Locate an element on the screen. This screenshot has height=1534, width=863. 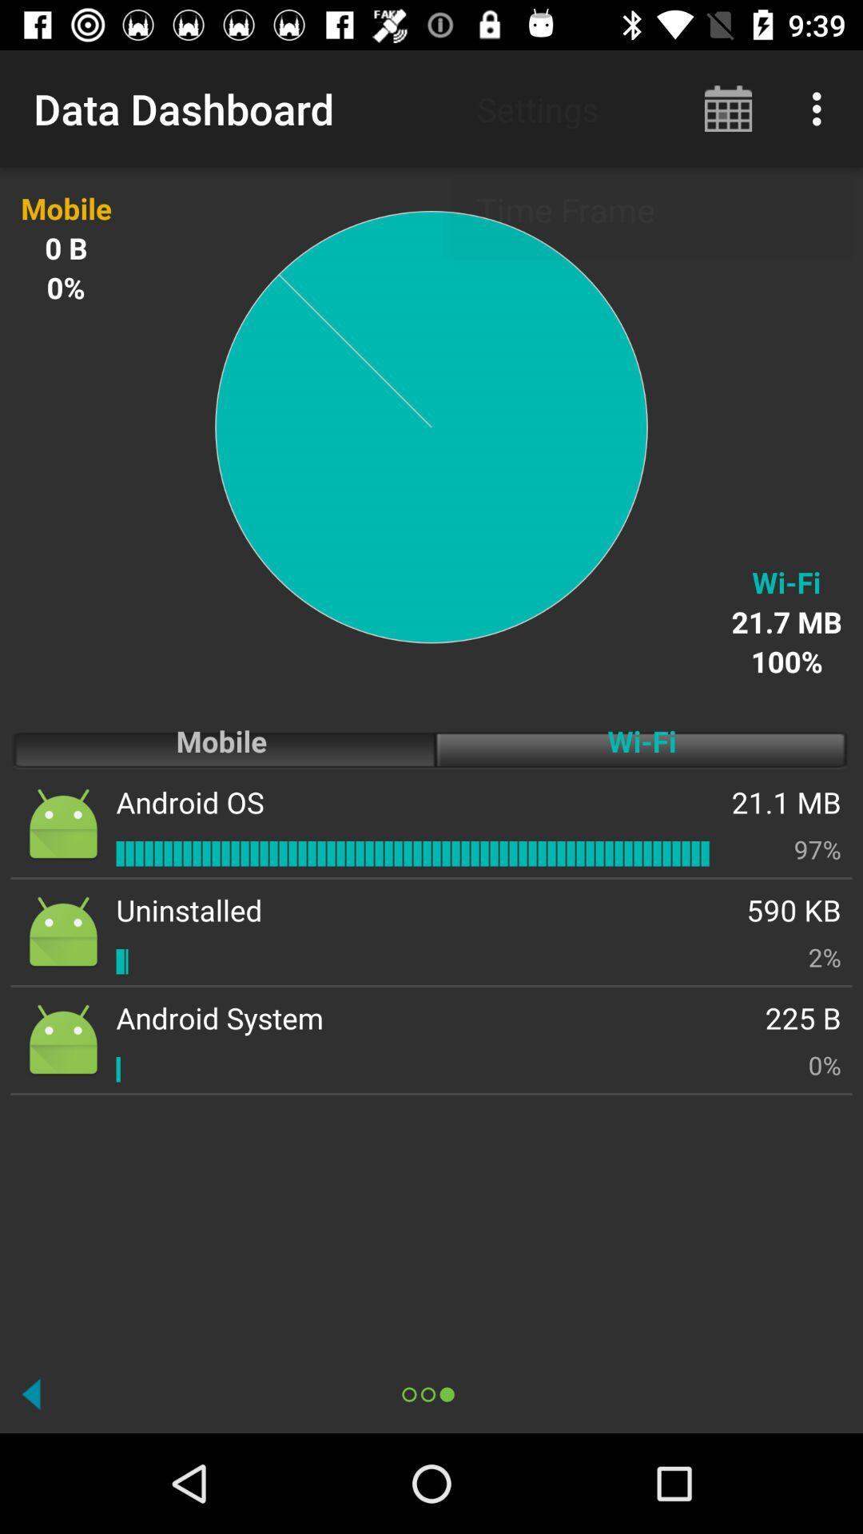
item above 590 kb icon is located at coordinates (817, 848).